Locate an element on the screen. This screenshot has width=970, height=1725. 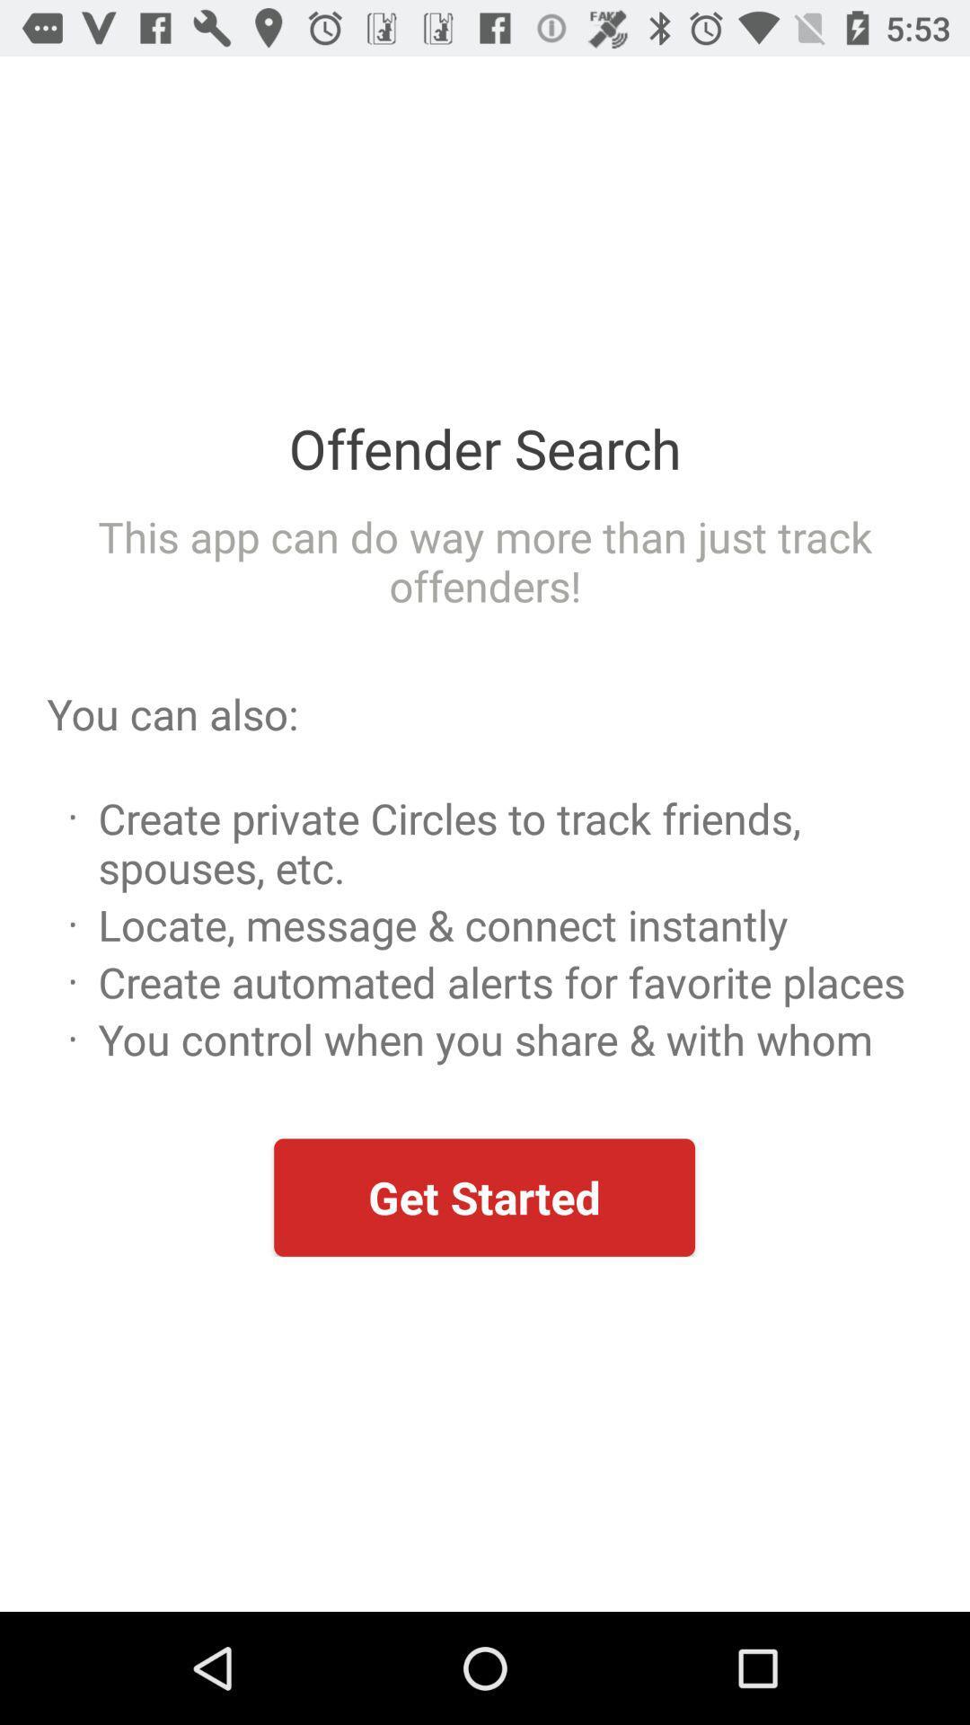
get started item is located at coordinates (483, 1198).